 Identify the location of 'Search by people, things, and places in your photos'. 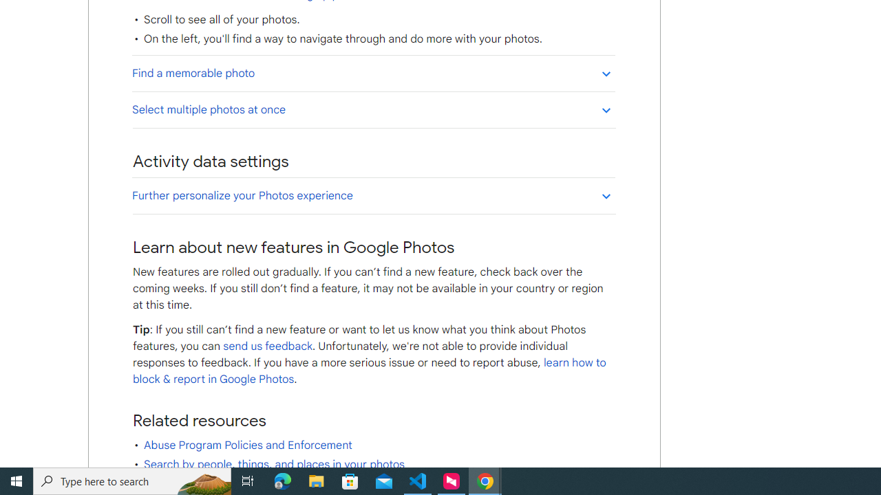
(274, 464).